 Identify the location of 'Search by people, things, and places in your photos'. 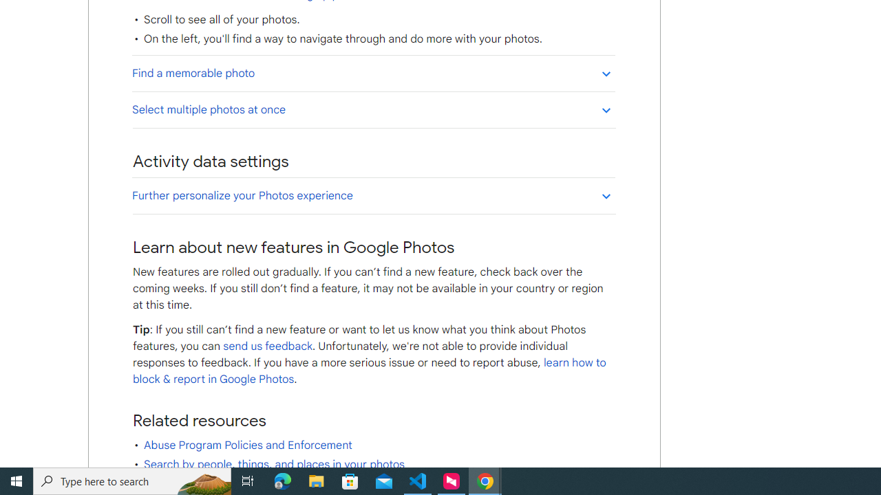
(274, 464).